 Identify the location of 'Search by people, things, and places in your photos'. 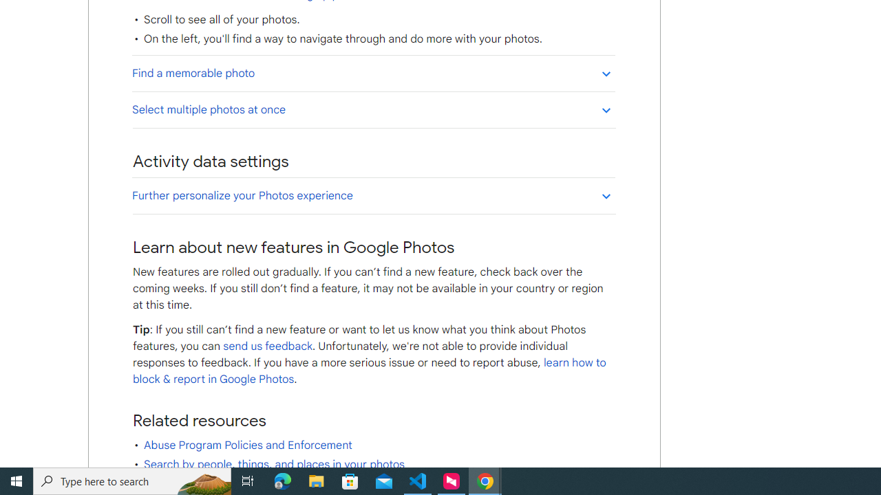
(274, 464).